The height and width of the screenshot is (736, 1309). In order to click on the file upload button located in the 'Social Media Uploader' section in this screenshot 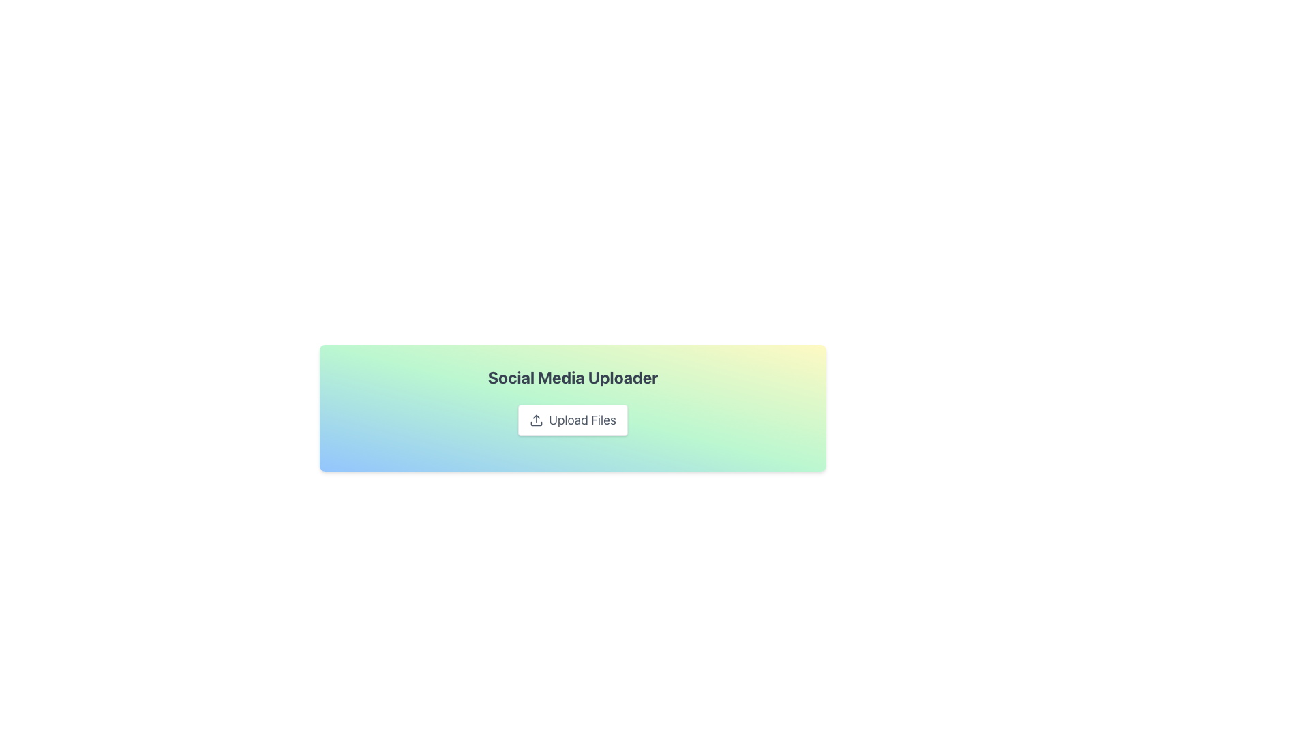, I will do `click(573, 420)`.